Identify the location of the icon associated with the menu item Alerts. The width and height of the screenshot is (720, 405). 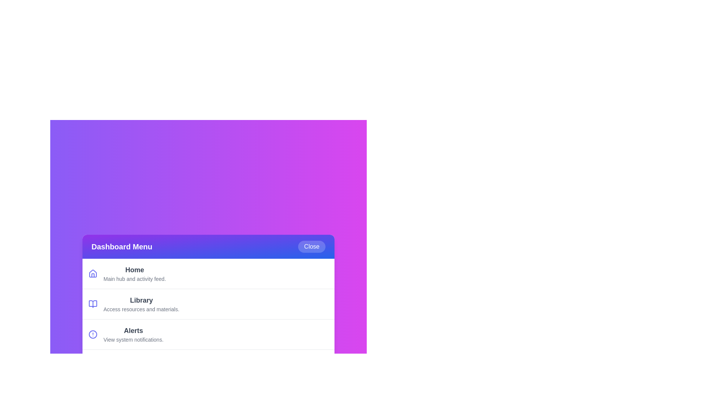
(93, 334).